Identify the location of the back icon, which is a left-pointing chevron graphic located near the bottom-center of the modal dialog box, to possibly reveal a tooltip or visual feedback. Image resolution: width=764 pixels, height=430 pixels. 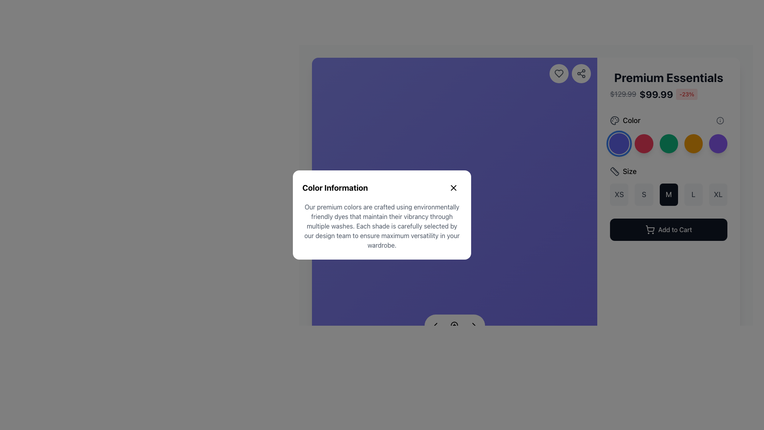
(435, 326).